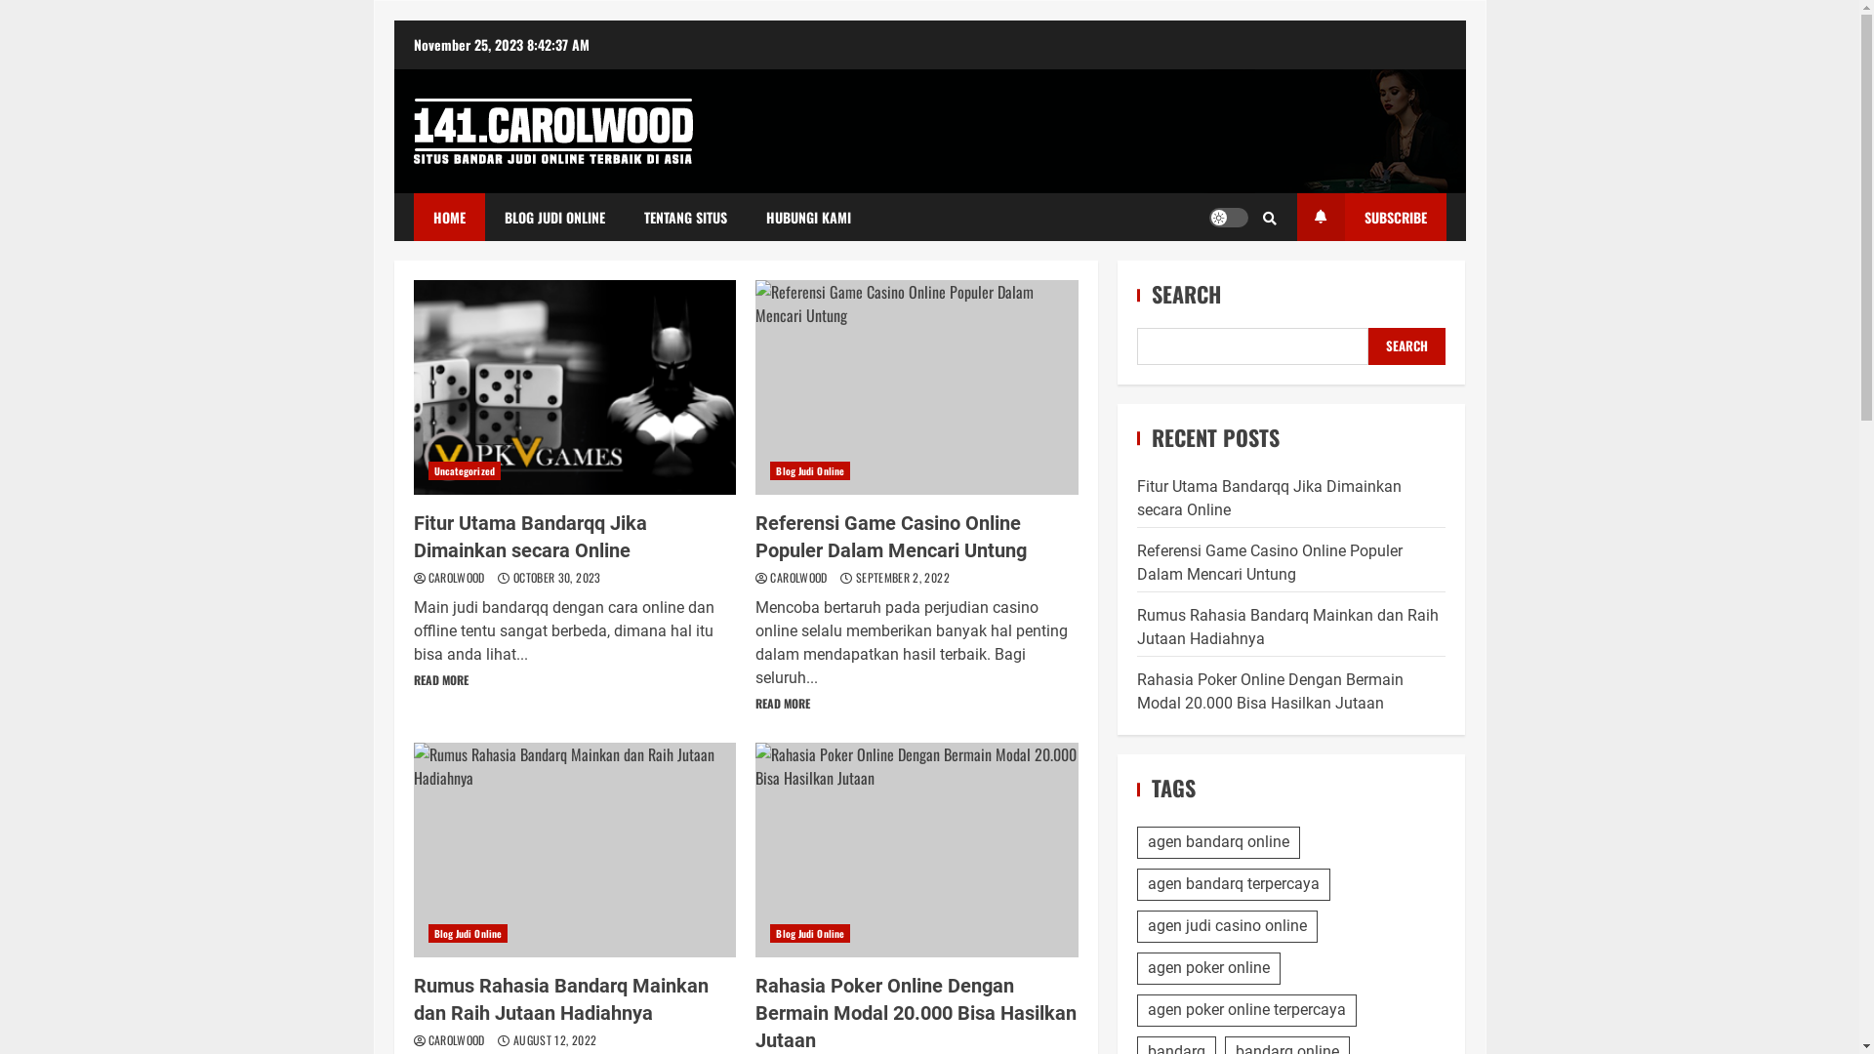 The image size is (1874, 1054). Describe the element at coordinates (1369, 217) in the screenshot. I see `'SUBSCRIBE'` at that location.